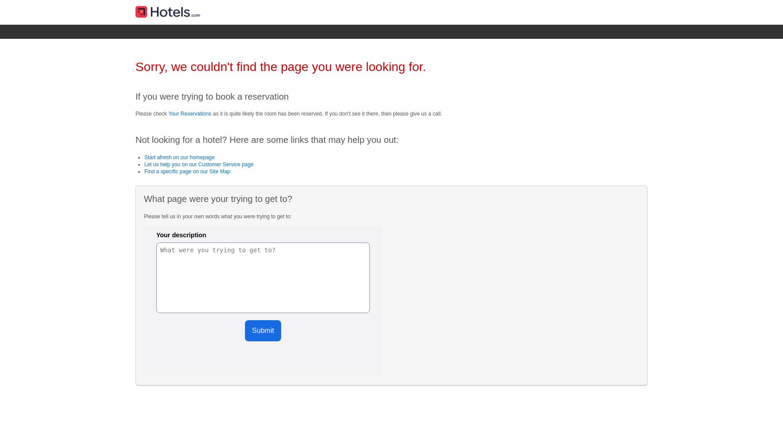 The height and width of the screenshot is (441, 783). I want to click on 'as it is quite likely the room has been reserved. If you don't see it there, then please give us a call.', so click(326, 113).